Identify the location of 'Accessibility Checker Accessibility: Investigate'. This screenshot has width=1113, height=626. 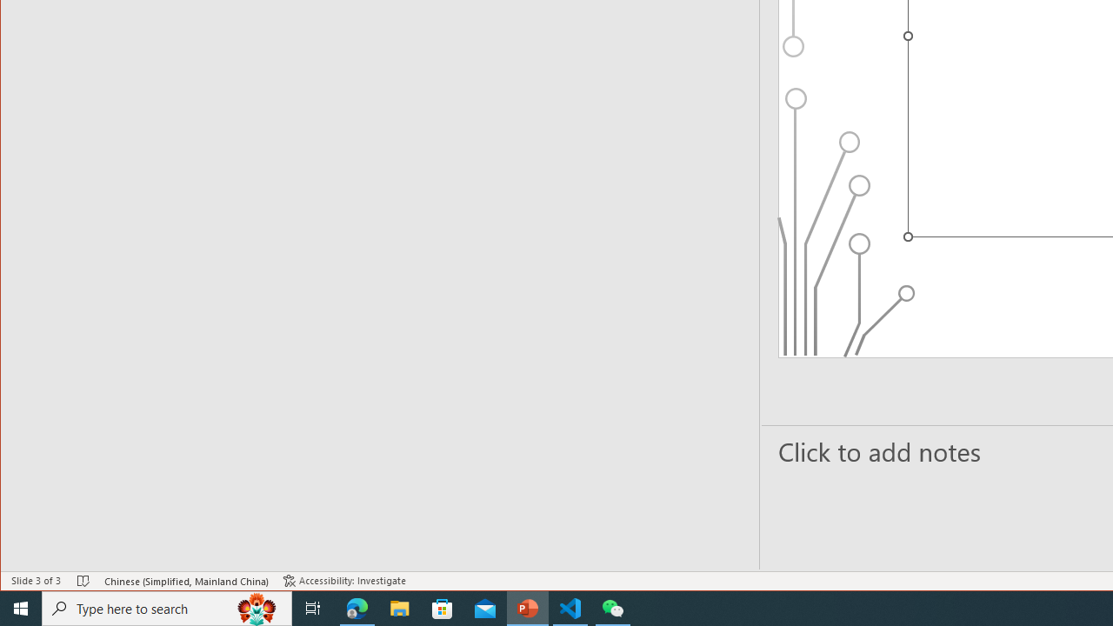
(344, 581).